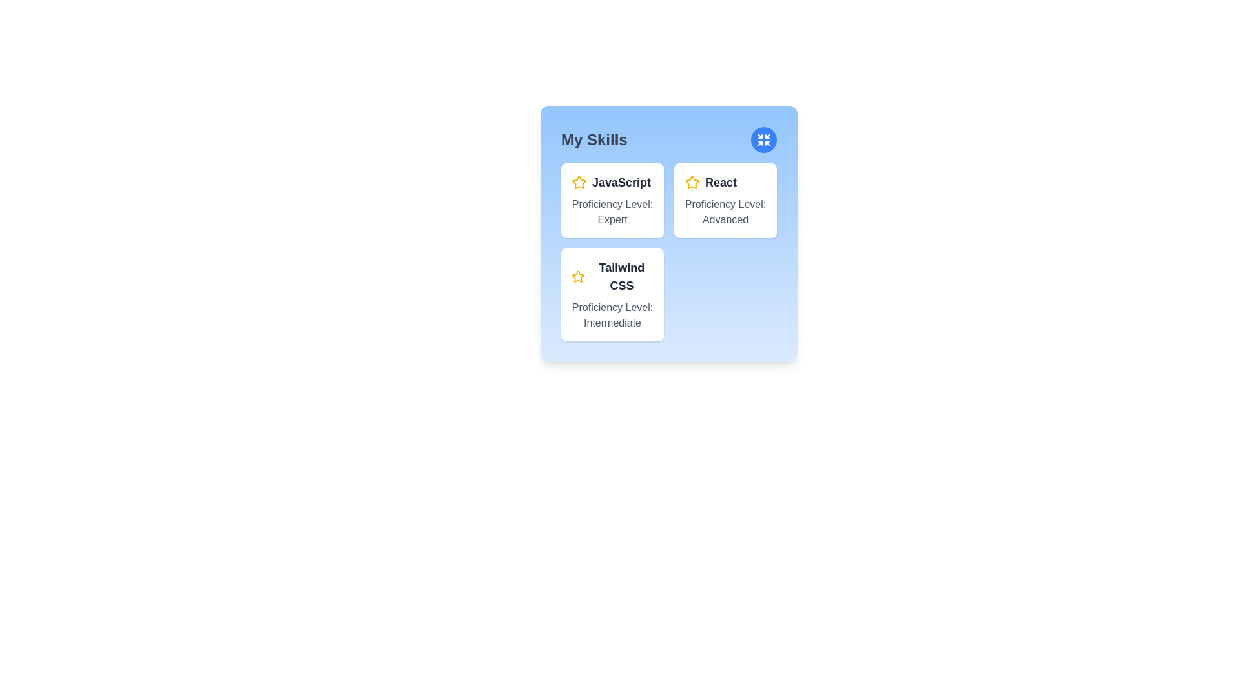  Describe the element at coordinates (612, 201) in the screenshot. I see `the skill card indicating proficiency in JavaScript at an 'Expert' level, located in the top-left block of the skill cards grid below 'My Skills'` at that location.